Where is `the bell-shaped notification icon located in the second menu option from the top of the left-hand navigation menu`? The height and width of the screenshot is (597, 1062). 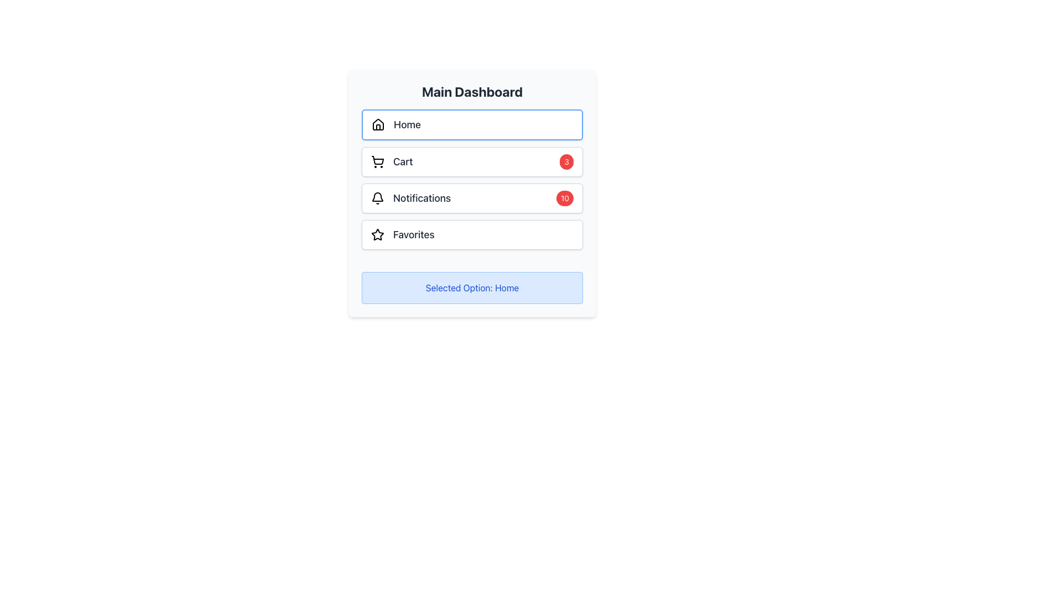 the bell-shaped notification icon located in the second menu option from the top of the left-hand navigation menu is located at coordinates (377, 197).